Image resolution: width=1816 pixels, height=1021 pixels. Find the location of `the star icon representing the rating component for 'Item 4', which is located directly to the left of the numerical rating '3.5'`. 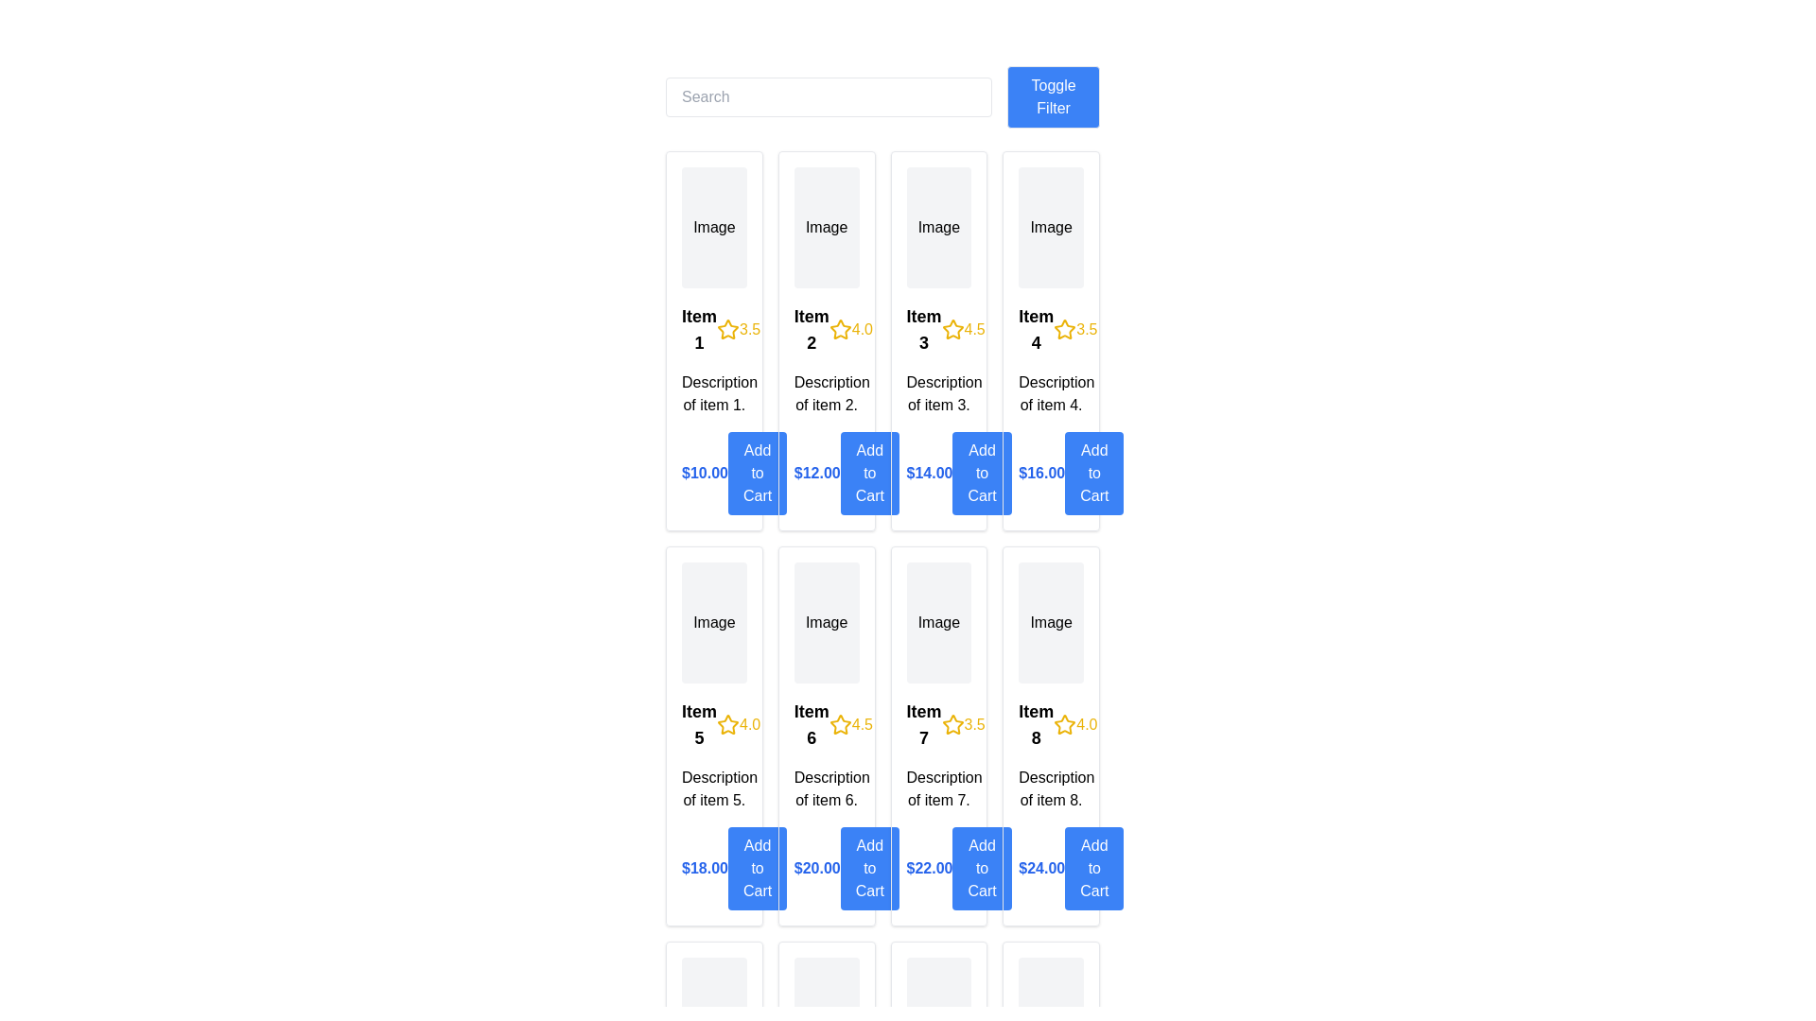

the star icon representing the rating component for 'Item 4', which is located directly to the left of the numerical rating '3.5' is located at coordinates (1065, 328).